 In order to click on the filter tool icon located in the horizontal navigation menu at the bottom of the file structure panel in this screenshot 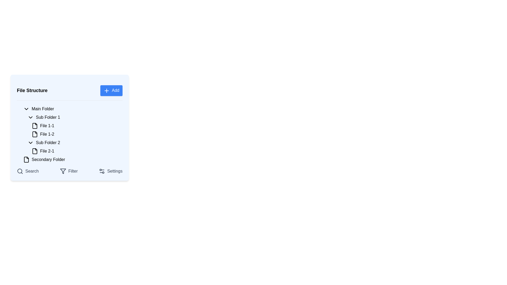, I will do `click(63, 171)`.